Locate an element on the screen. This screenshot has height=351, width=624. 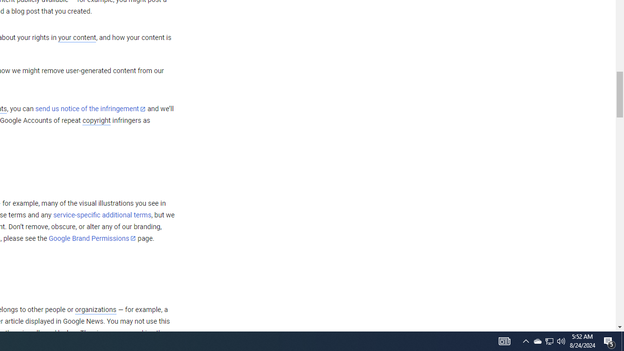
'Google Brand Permissions' is located at coordinates (92, 238).